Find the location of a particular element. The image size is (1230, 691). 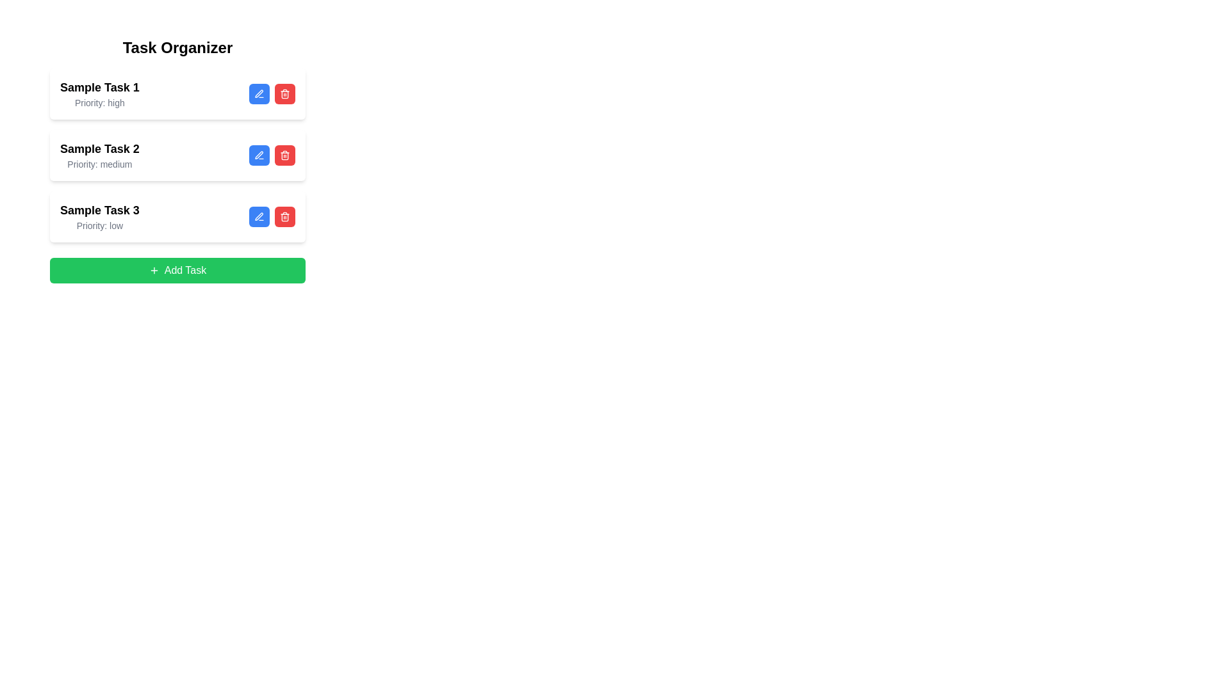

the delete button indicated by the trash can icon, positioned in the second row of the task list, to the right of 'Sample Task 2' and the blue edit button is located at coordinates (284, 155).